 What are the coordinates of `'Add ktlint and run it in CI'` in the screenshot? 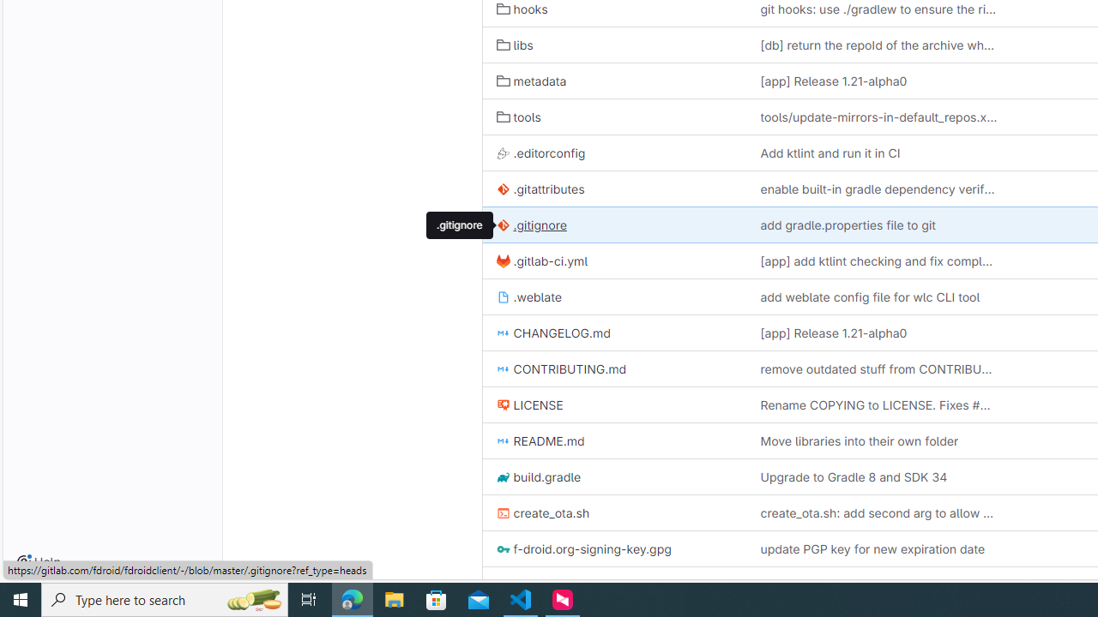 It's located at (878, 152).